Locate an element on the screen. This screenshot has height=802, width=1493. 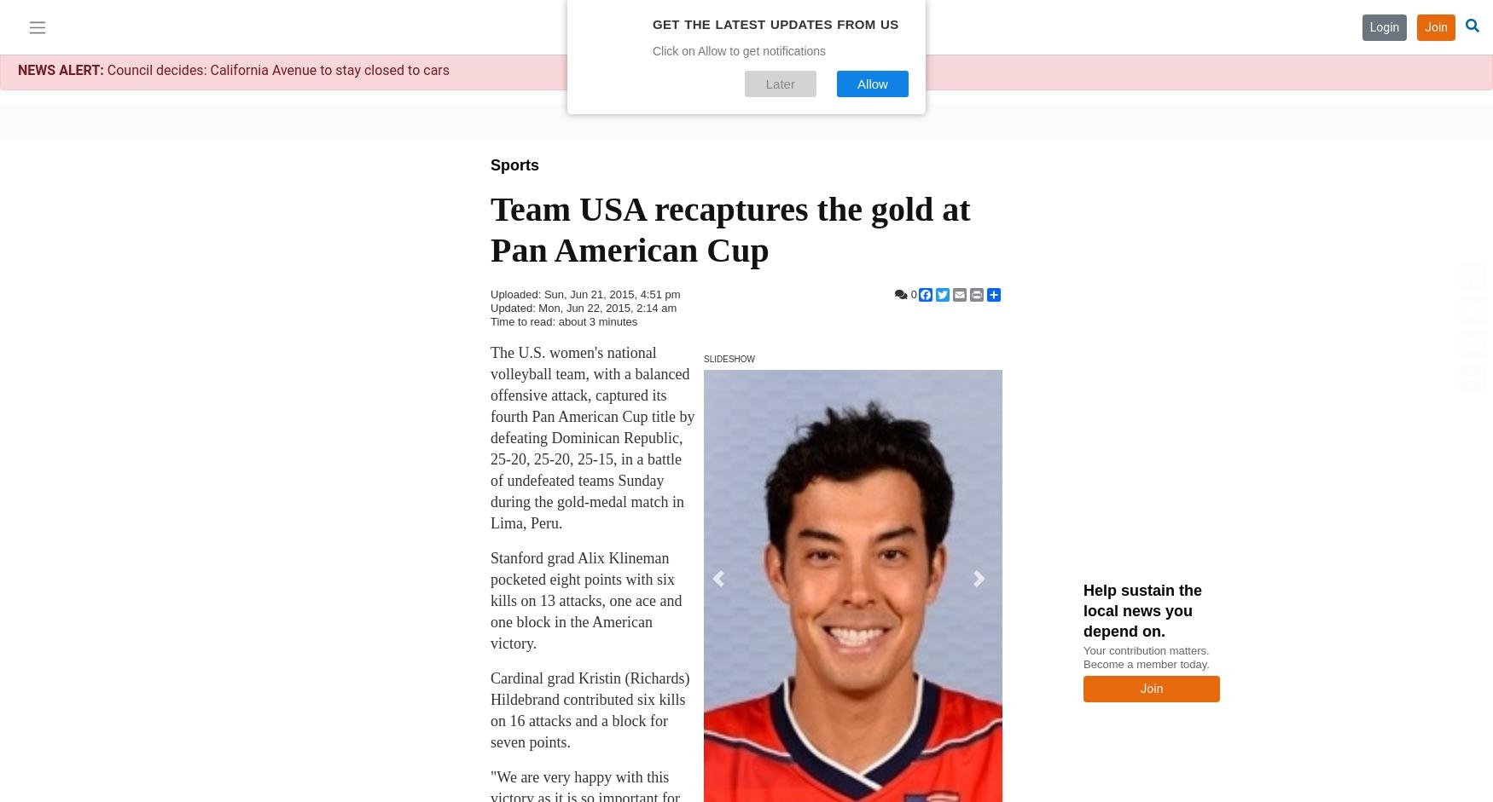
'0' is located at coordinates (912, 294).